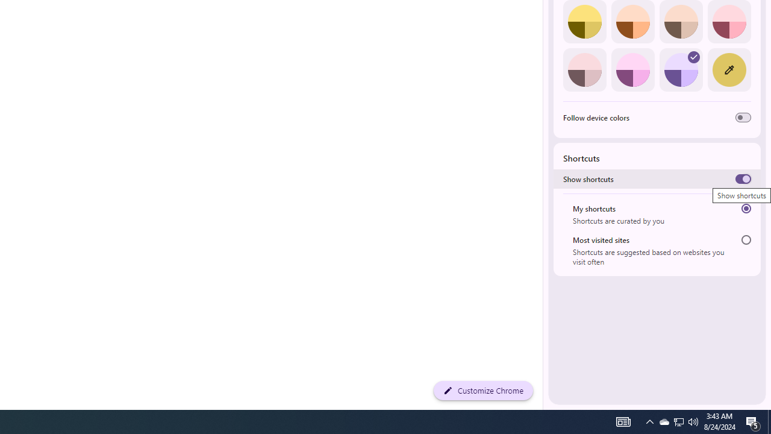  I want to click on 'Fuchsia', so click(632, 69).